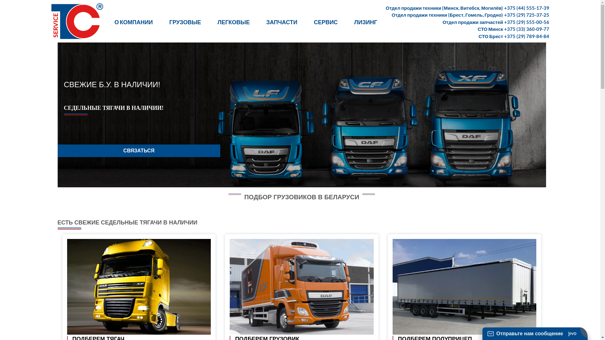  Describe the element at coordinates (527, 36) in the screenshot. I see `'+375 (29) 789-84-84'` at that location.